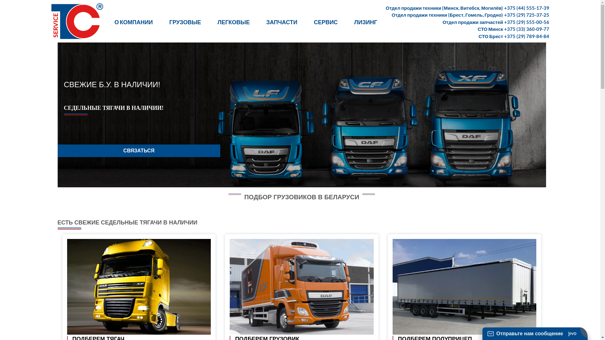  Describe the element at coordinates (527, 36) in the screenshot. I see `'+375 (29) 789-84-84'` at that location.